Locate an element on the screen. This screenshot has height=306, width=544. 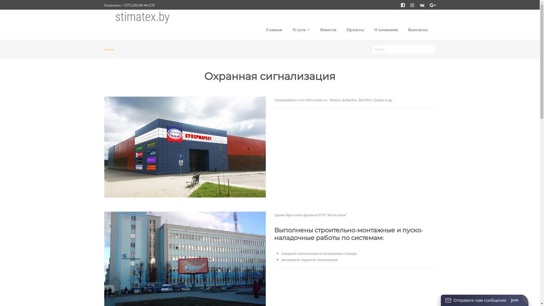
'Enter the terms you wish to search for.' is located at coordinates (403, 49).